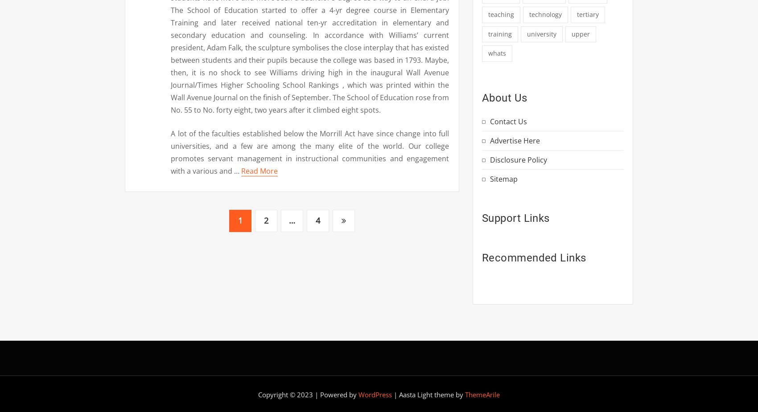 The height and width of the screenshot is (412, 758). What do you see at coordinates (545, 14) in the screenshot?
I see `'technology'` at bounding box center [545, 14].